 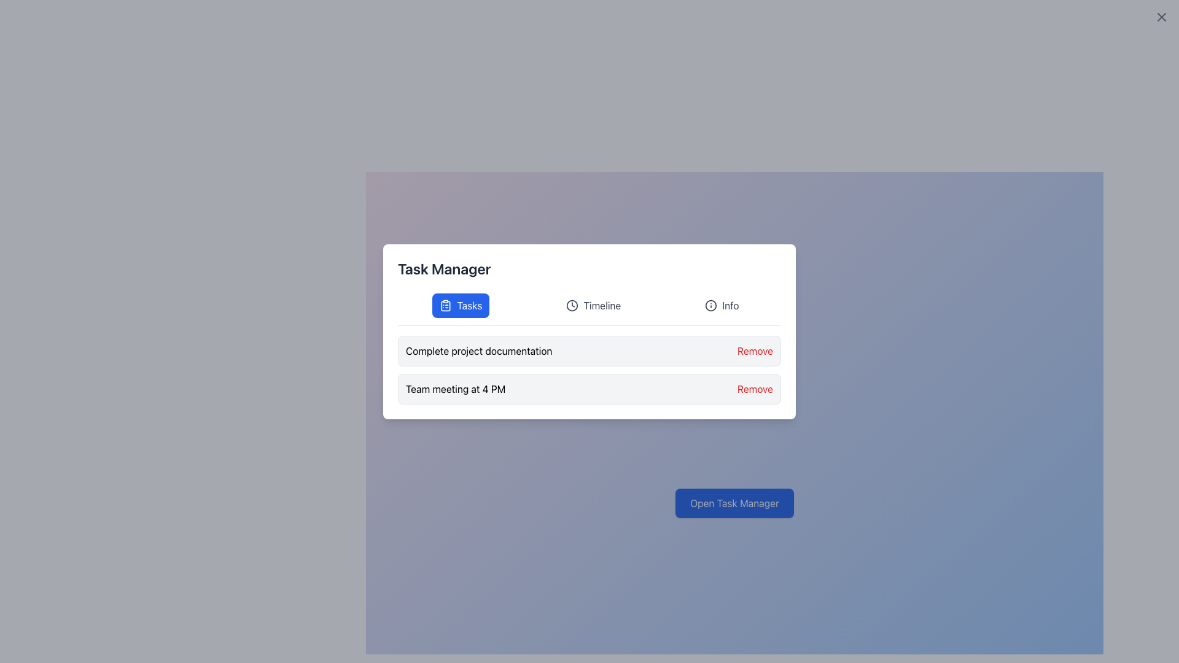 What do you see at coordinates (469, 304) in the screenshot?
I see `the 'Tasks' navigation tab` at bounding box center [469, 304].